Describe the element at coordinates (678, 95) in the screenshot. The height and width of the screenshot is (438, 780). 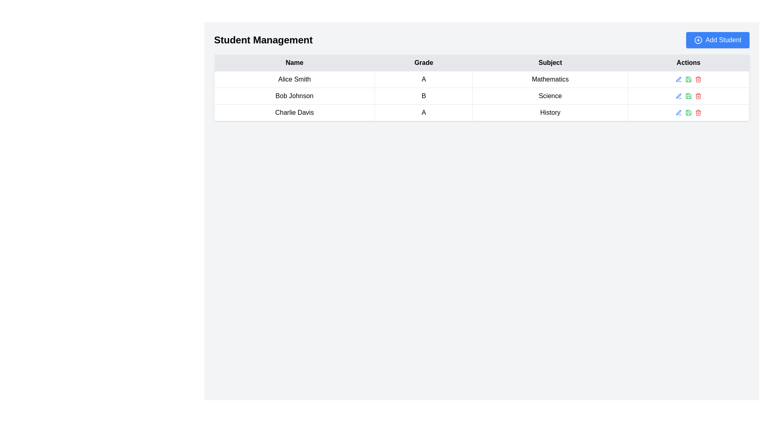
I see `the edit button with a pen icon in the Actions column of the second row to potentially display additional edit-related options for the 'Bob Johnson' entry` at that location.